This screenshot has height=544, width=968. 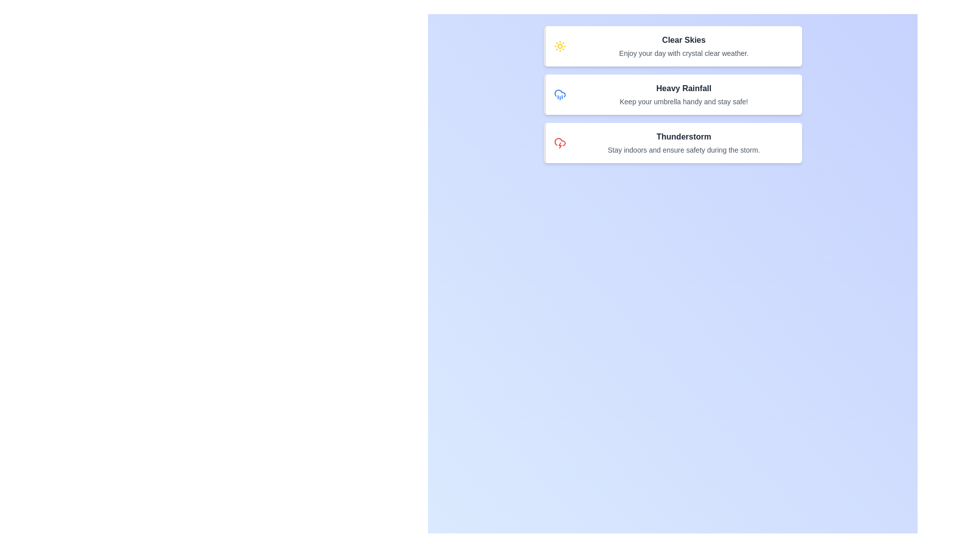 What do you see at coordinates (673, 46) in the screenshot?
I see `the alert card corresponding to Clear Skies` at bounding box center [673, 46].